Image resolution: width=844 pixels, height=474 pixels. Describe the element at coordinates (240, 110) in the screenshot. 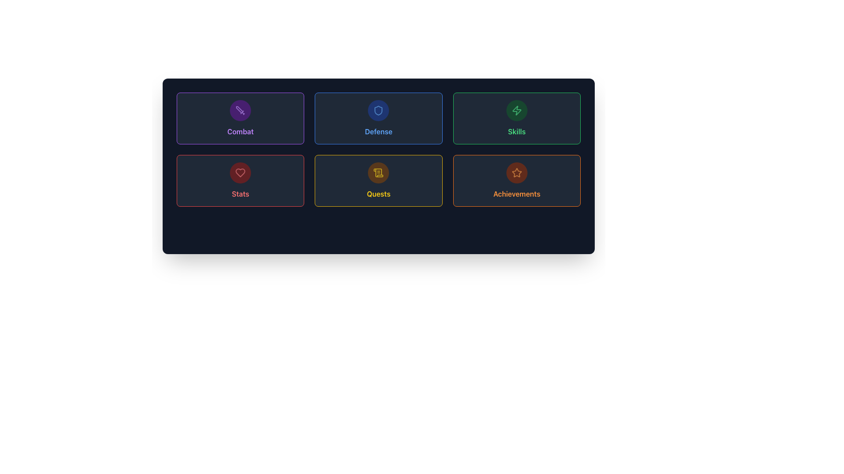

I see `the 'Combat' icon which visually represents the combat functionality within the interface` at that location.